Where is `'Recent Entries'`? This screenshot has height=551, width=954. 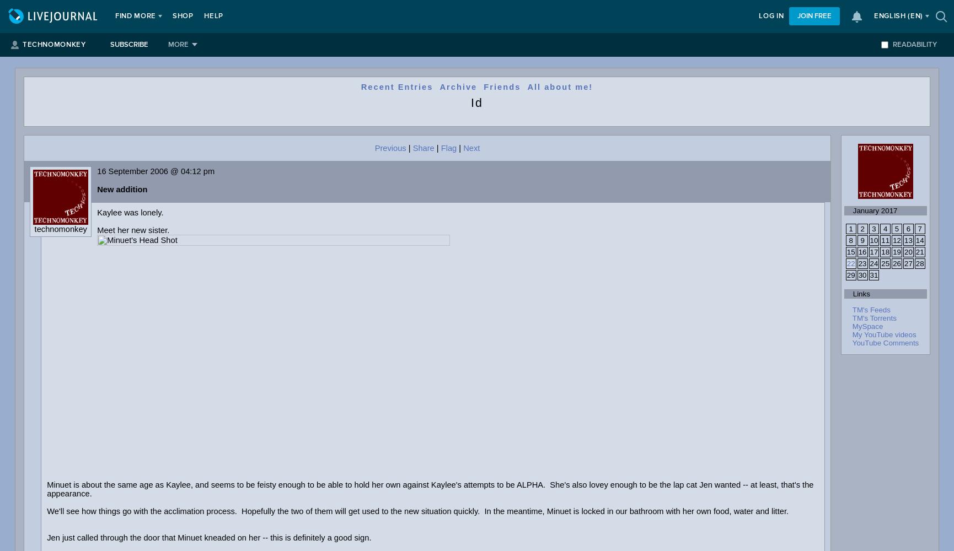 'Recent Entries' is located at coordinates (396, 87).